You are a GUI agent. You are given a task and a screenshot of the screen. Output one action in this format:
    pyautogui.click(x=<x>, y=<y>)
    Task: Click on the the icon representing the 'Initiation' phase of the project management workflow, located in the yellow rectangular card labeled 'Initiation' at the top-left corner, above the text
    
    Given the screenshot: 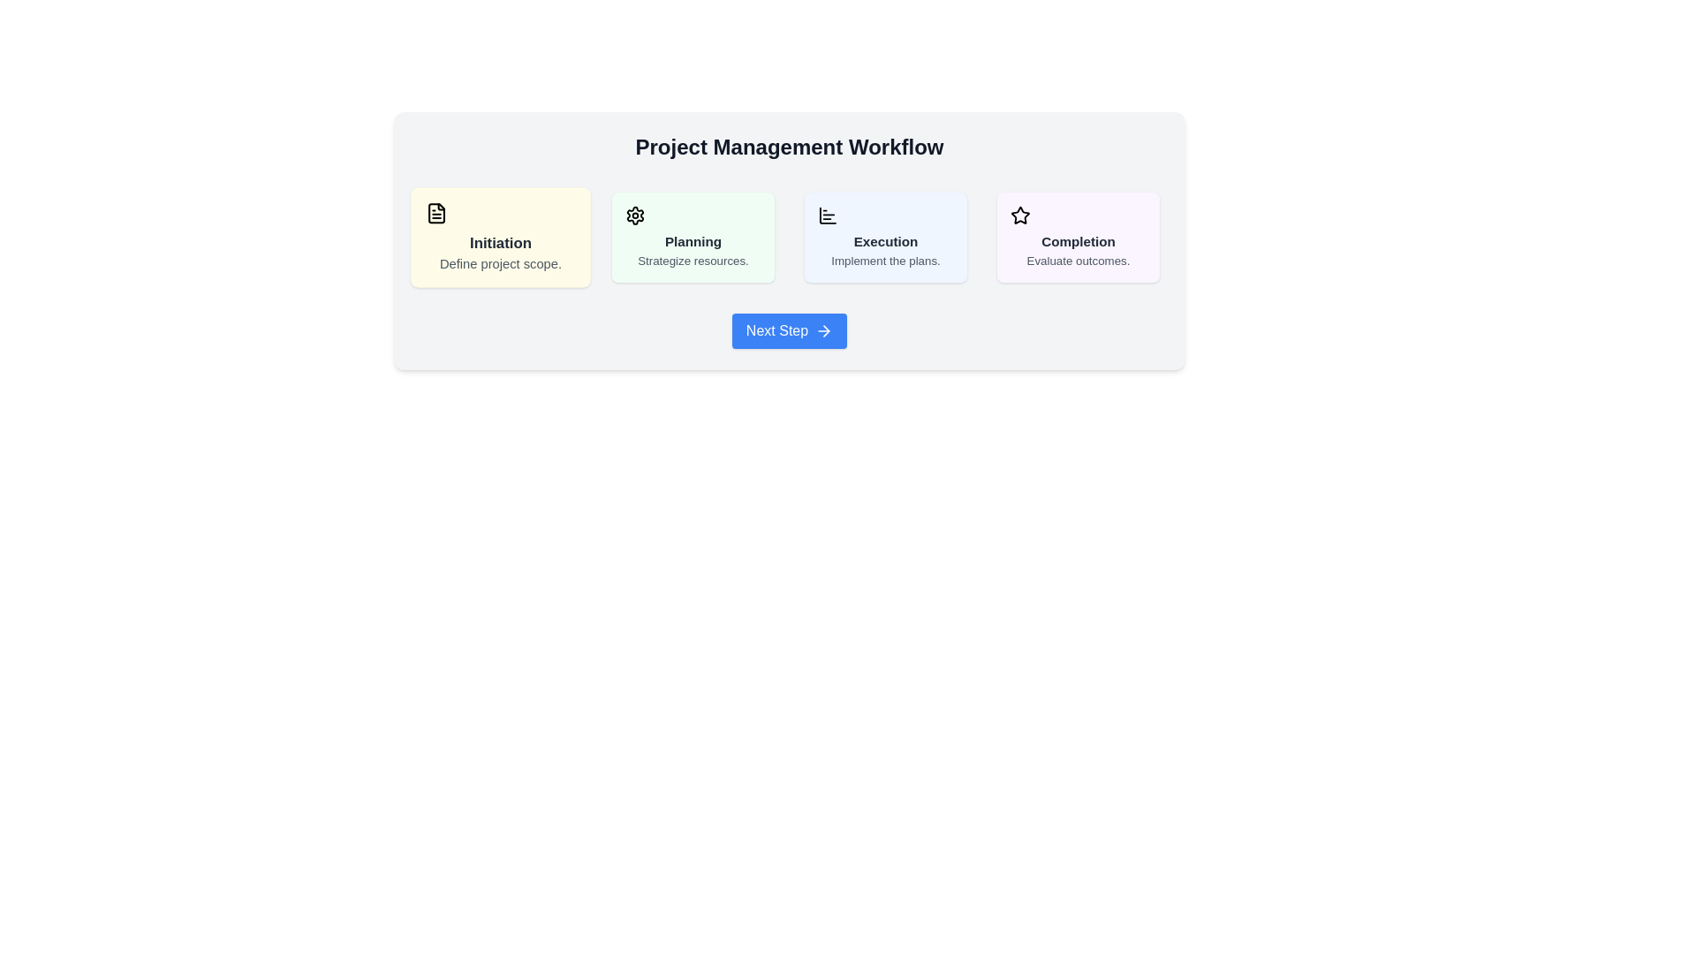 What is the action you would take?
    pyautogui.click(x=436, y=212)
    